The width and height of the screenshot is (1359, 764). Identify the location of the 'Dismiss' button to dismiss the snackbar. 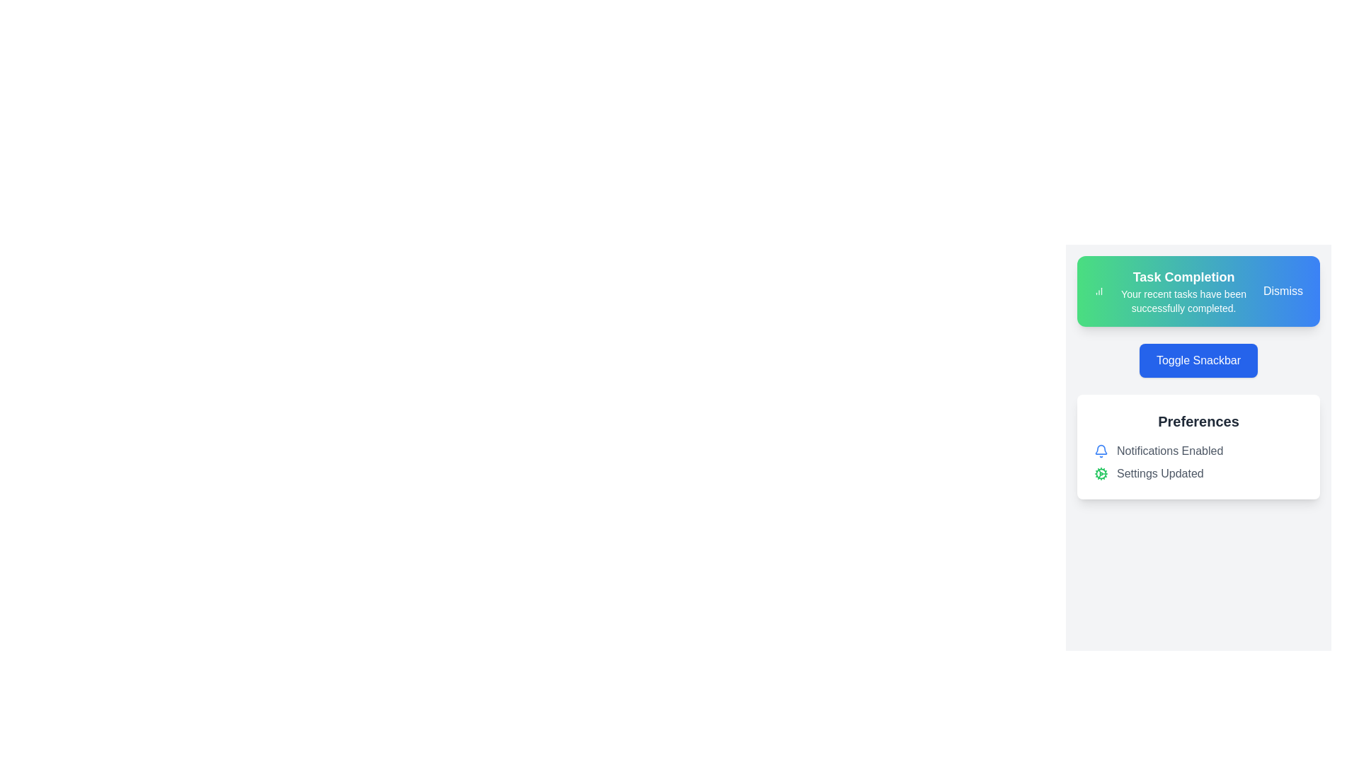
(1283, 291).